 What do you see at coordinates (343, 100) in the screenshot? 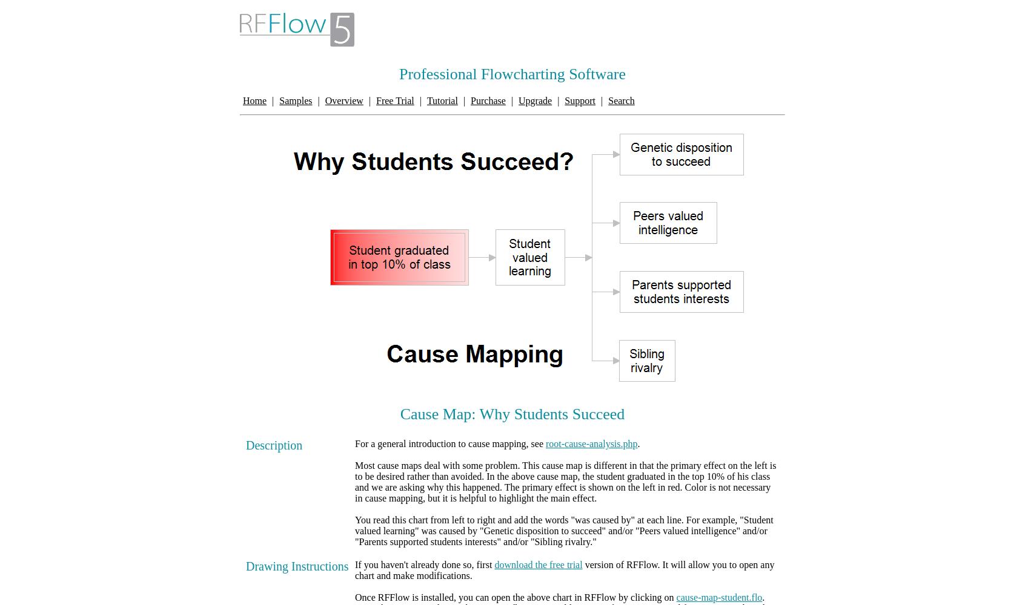
I see `'Overview'` at bounding box center [343, 100].